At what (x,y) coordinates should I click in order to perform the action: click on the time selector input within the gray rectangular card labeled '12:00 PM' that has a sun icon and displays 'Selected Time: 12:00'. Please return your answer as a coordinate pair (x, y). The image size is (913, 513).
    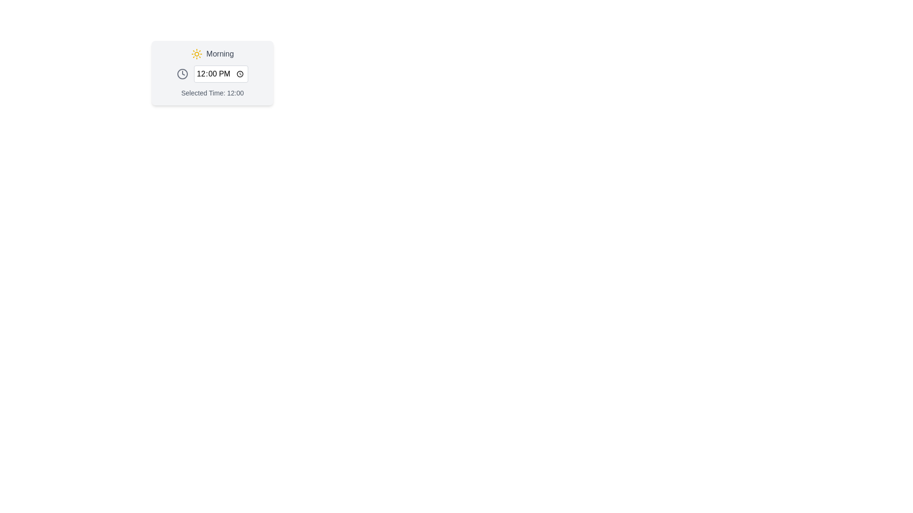
    Looking at the image, I should click on (212, 73).